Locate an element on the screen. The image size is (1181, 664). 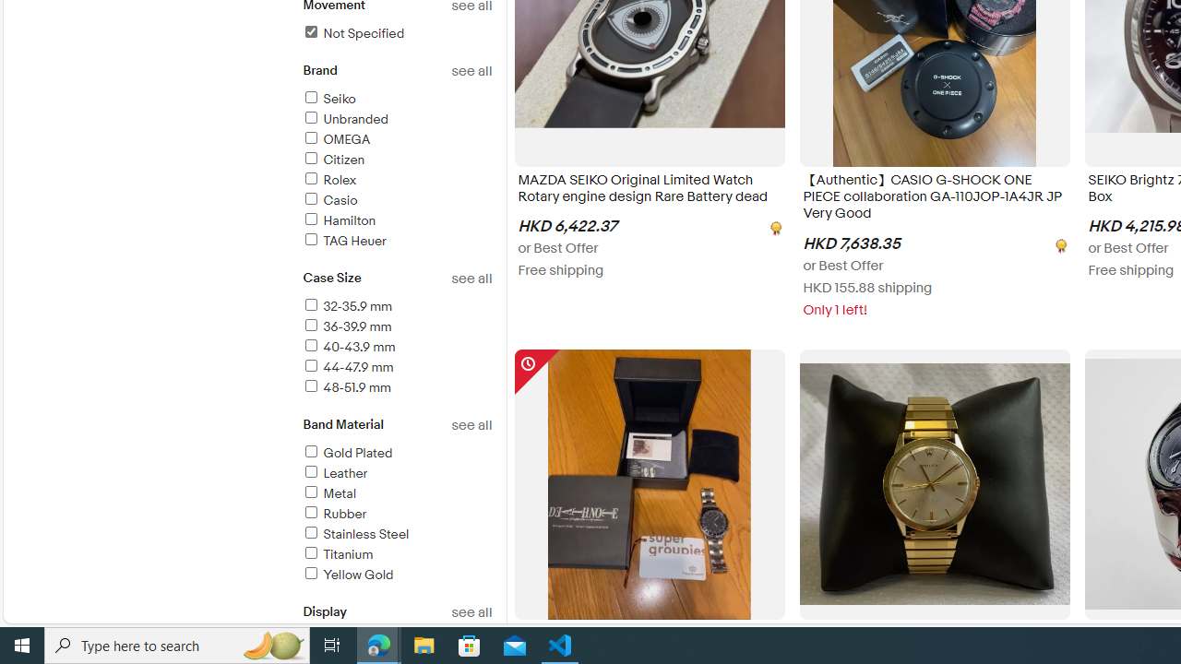
'Seiko' is located at coordinates (396, 100).